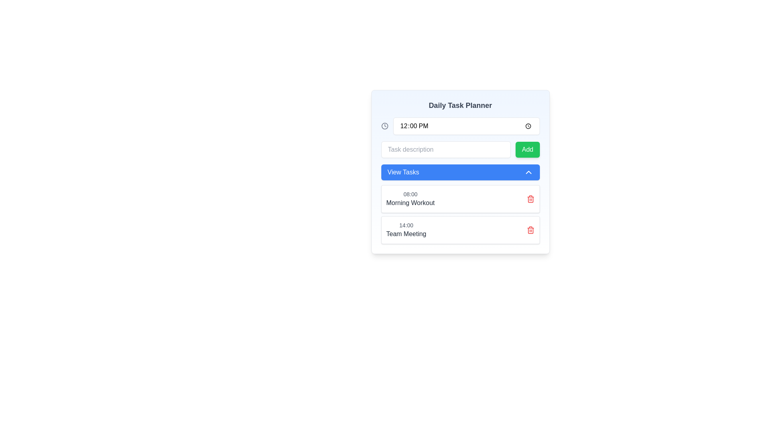 The width and height of the screenshot is (765, 430). I want to click on the 'Add' button with a green background, which is styled with rounded corners and located to the right of the 'Task description' input field, so click(528, 149).